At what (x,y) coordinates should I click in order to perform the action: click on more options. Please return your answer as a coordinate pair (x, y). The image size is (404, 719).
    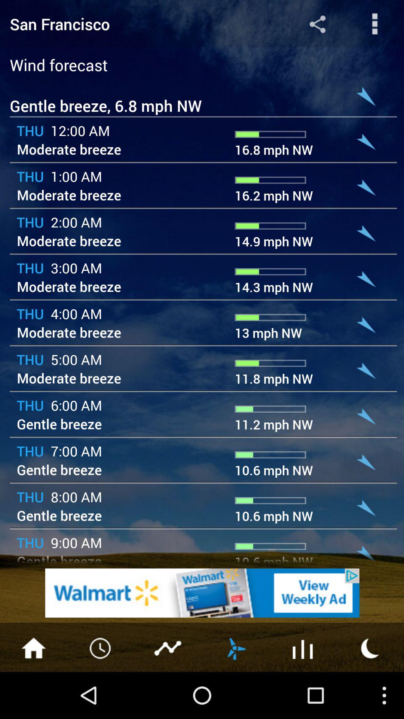
    Looking at the image, I should click on (375, 24).